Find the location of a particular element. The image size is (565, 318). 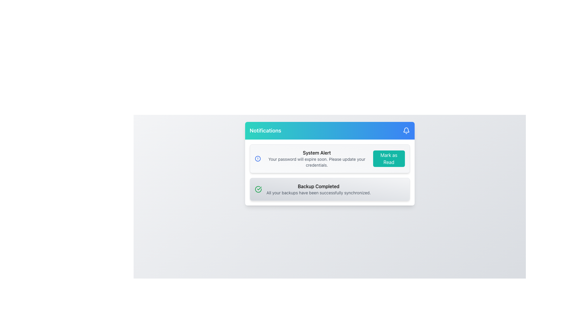

the circular blue-bordered icon with an exclamation mark representing an alert, located to the left of the 'System Alert' text in the notification panel is located at coordinates (257, 158).